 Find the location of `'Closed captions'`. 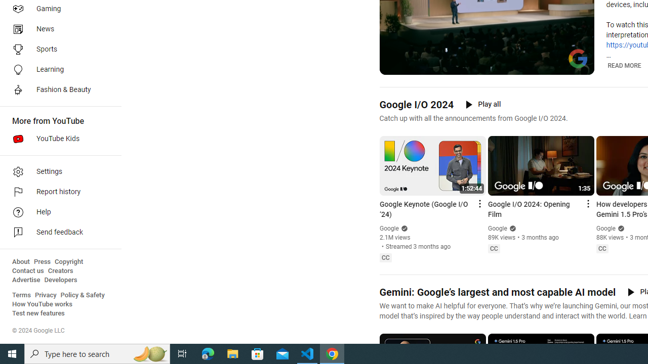

'Closed captions' is located at coordinates (602, 249).